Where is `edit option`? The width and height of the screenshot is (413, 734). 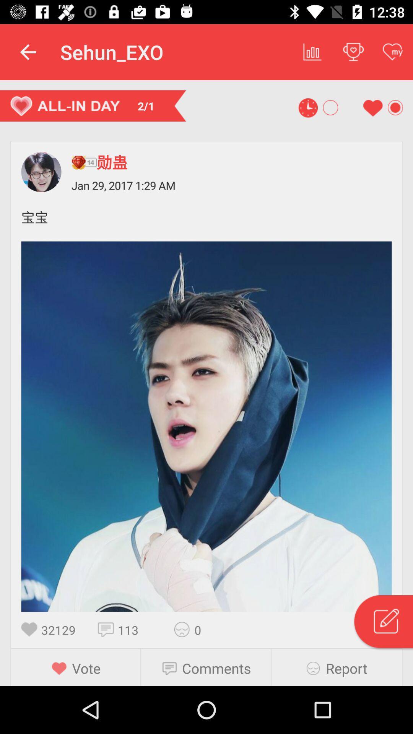
edit option is located at coordinates (383, 623).